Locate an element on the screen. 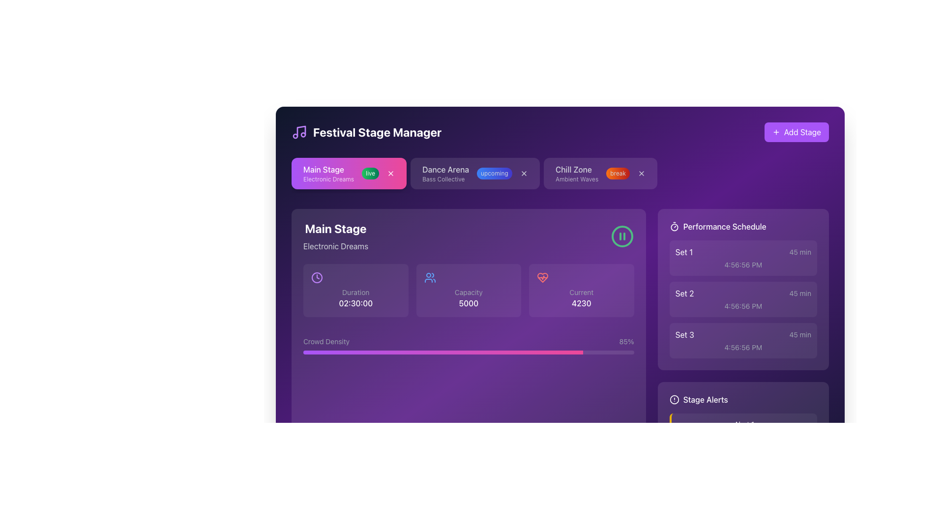  the header labeled 'Festival Stage Manager' located in the top-left corner of the interface is located at coordinates (366, 132).